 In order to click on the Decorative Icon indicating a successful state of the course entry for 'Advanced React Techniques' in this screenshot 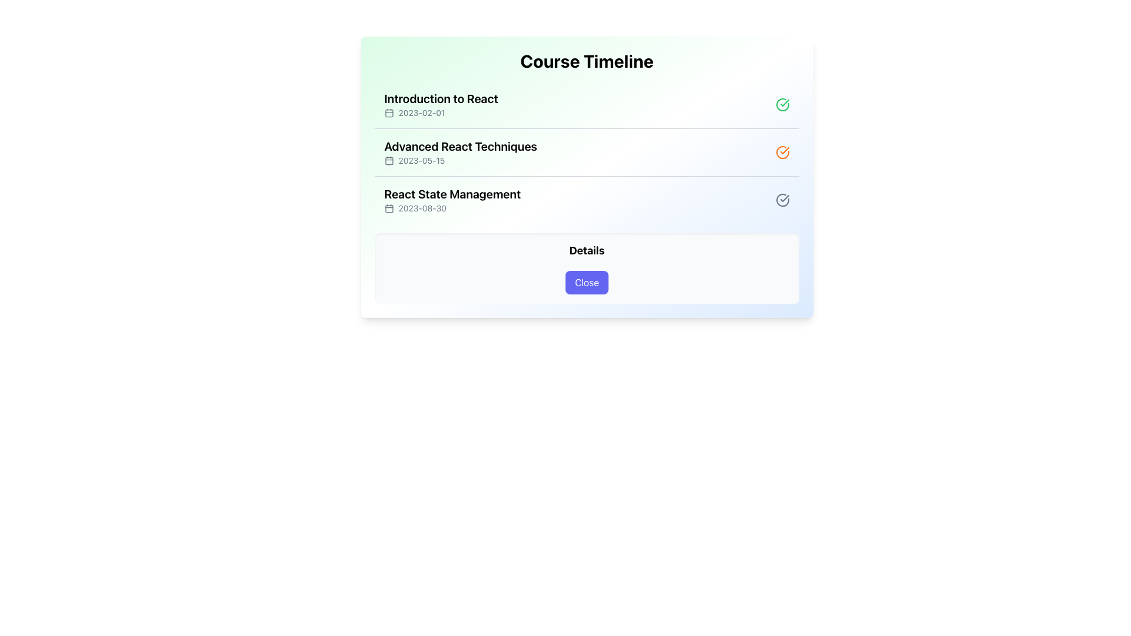, I will do `click(782, 151)`.